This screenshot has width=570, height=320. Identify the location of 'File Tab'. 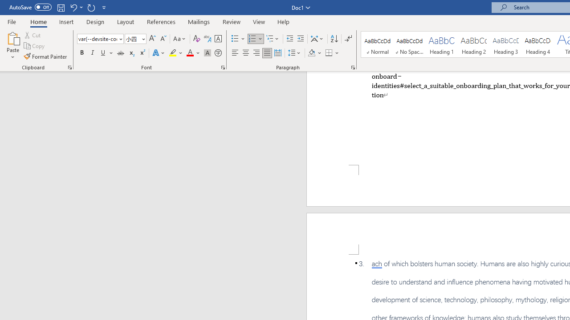
(12, 21).